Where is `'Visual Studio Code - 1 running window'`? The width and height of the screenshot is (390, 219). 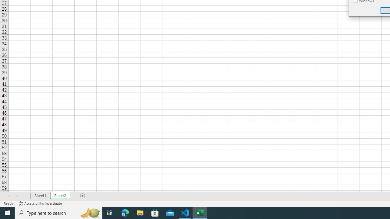
'Visual Studio Code - 1 running window' is located at coordinates (185, 212).